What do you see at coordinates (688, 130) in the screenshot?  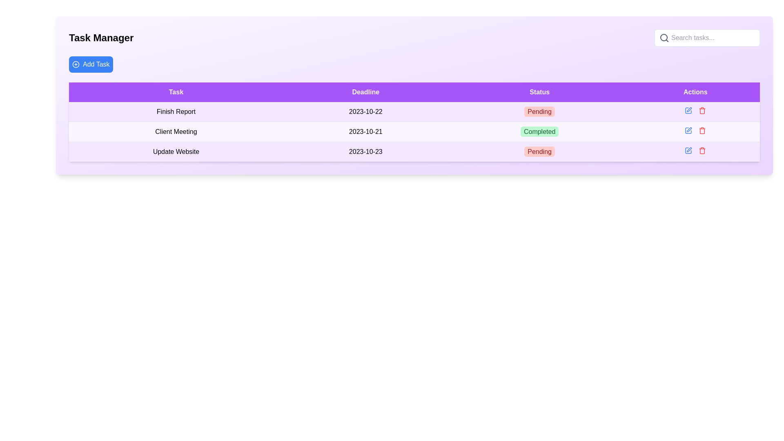 I see `the edit icon button located in the 'Actions' column next to the 'Completed' text for the 'Client Meeting' task` at bounding box center [688, 130].